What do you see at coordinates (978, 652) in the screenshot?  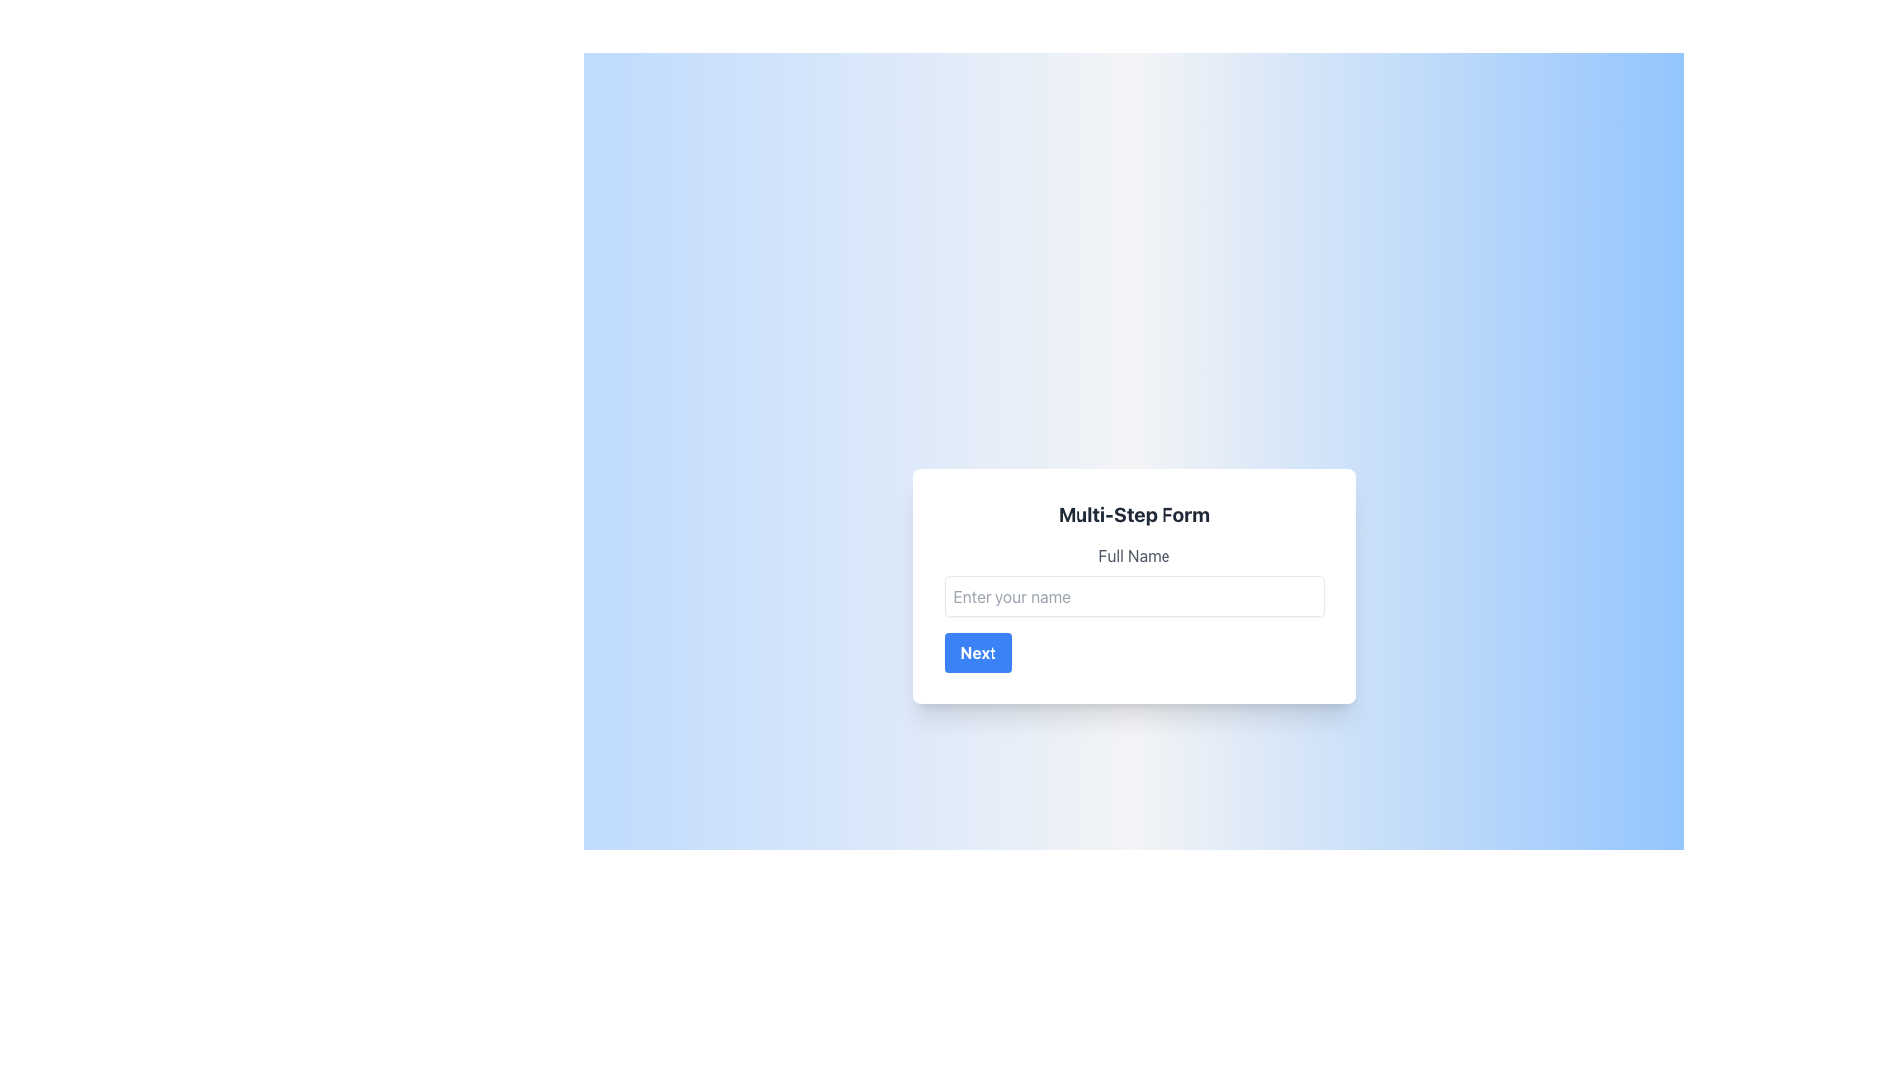 I see `the navigation button located at the bottom left of the form` at bounding box center [978, 652].